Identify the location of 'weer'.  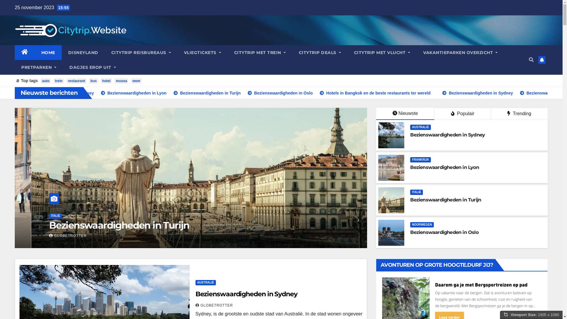
(136, 81).